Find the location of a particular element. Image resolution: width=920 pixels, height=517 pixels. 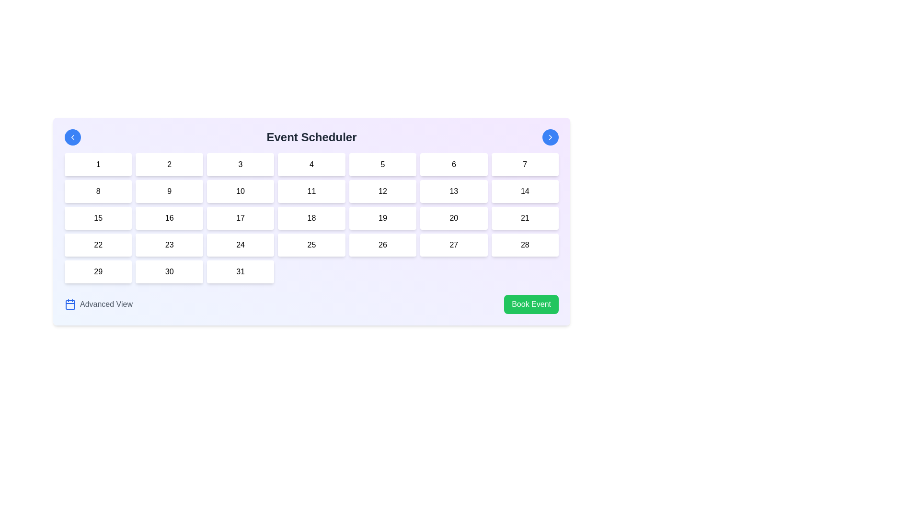

the button representing the selectable day in the calendar or scheduler interface is located at coordinates (98, 218).